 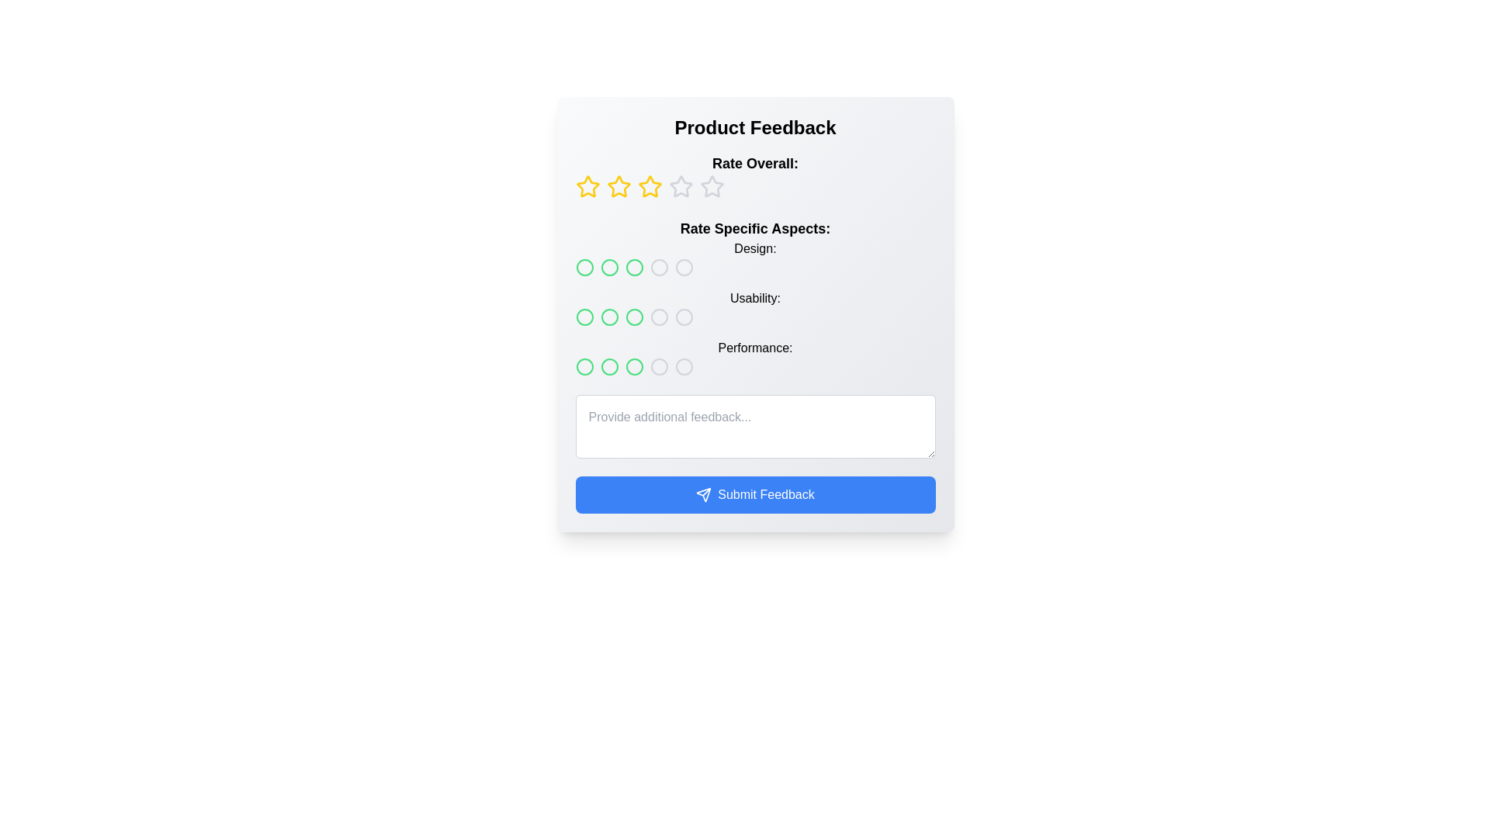 I want to click on the second star icon in the 'Rate Overall' section, so click(x=618, y=185).